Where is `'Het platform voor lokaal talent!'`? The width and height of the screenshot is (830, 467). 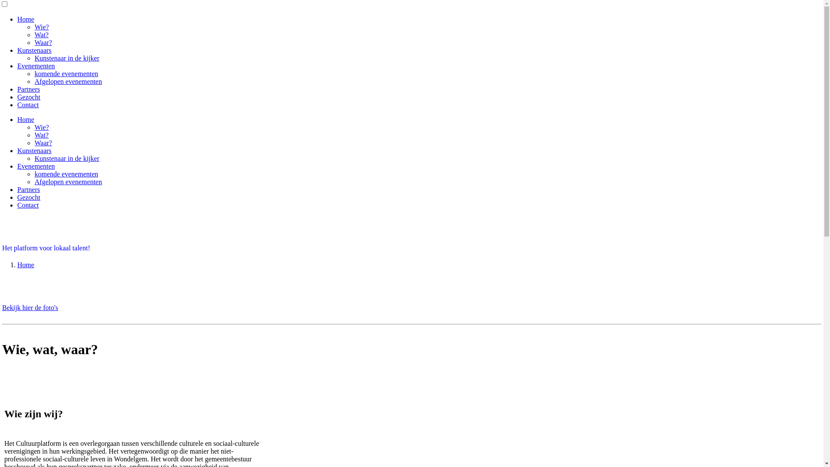
'Het platform voor lokaal talent!' is located at coordinates (45, 248).